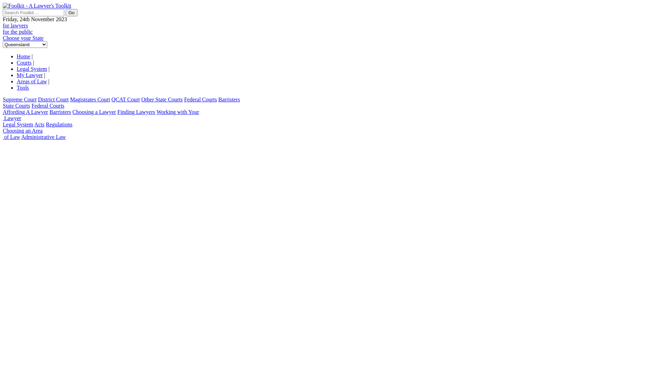 The width and height of the screenshot is (667, 375). What do you see at coordinates (19, 99) in the screenshot?
I see `'Supreme Court'` at bounding box center [19, 99].